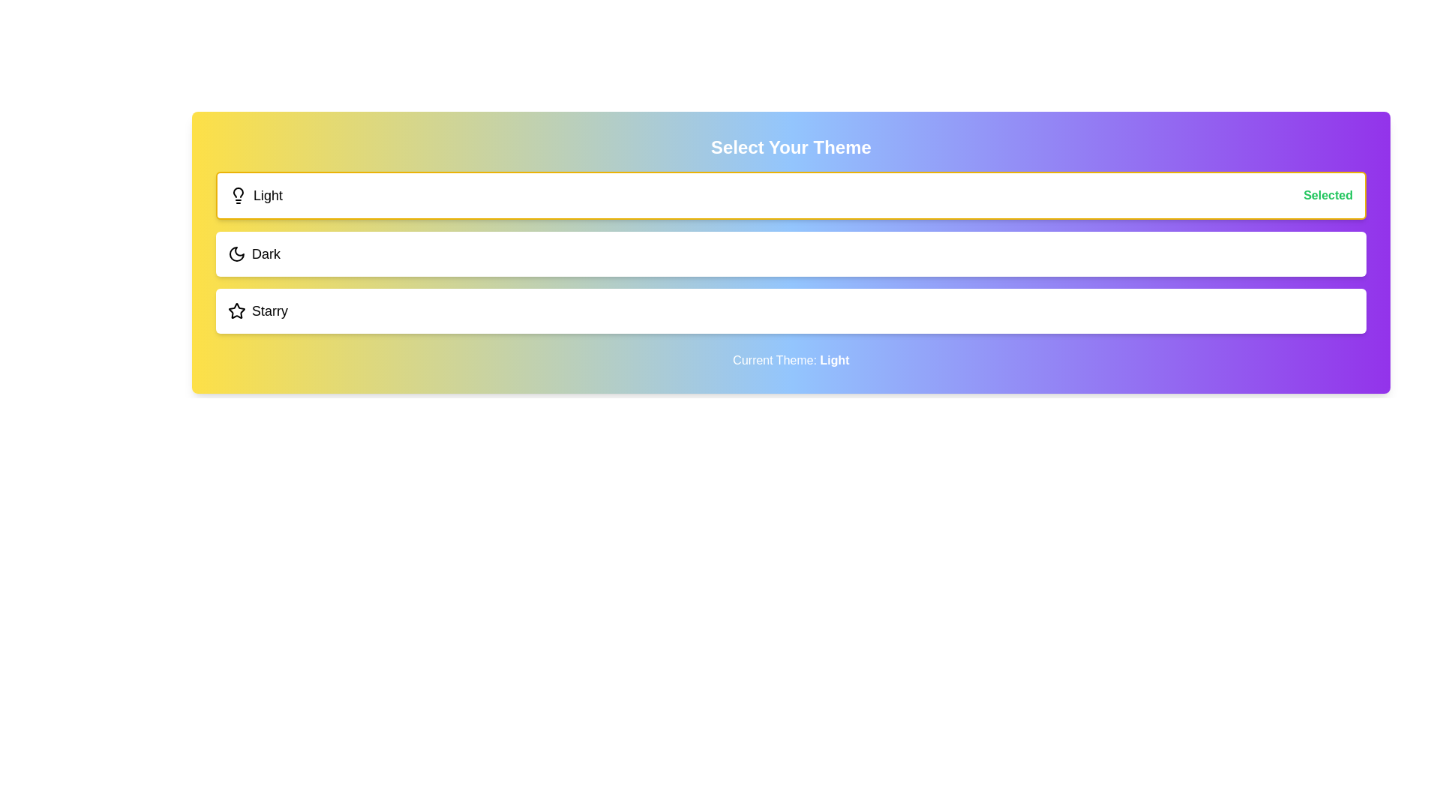 The image size is (1440, 810). Describe the element at coordinates (258, 310) in the screenshot. I see `the theme option Starry to select it` at that location.